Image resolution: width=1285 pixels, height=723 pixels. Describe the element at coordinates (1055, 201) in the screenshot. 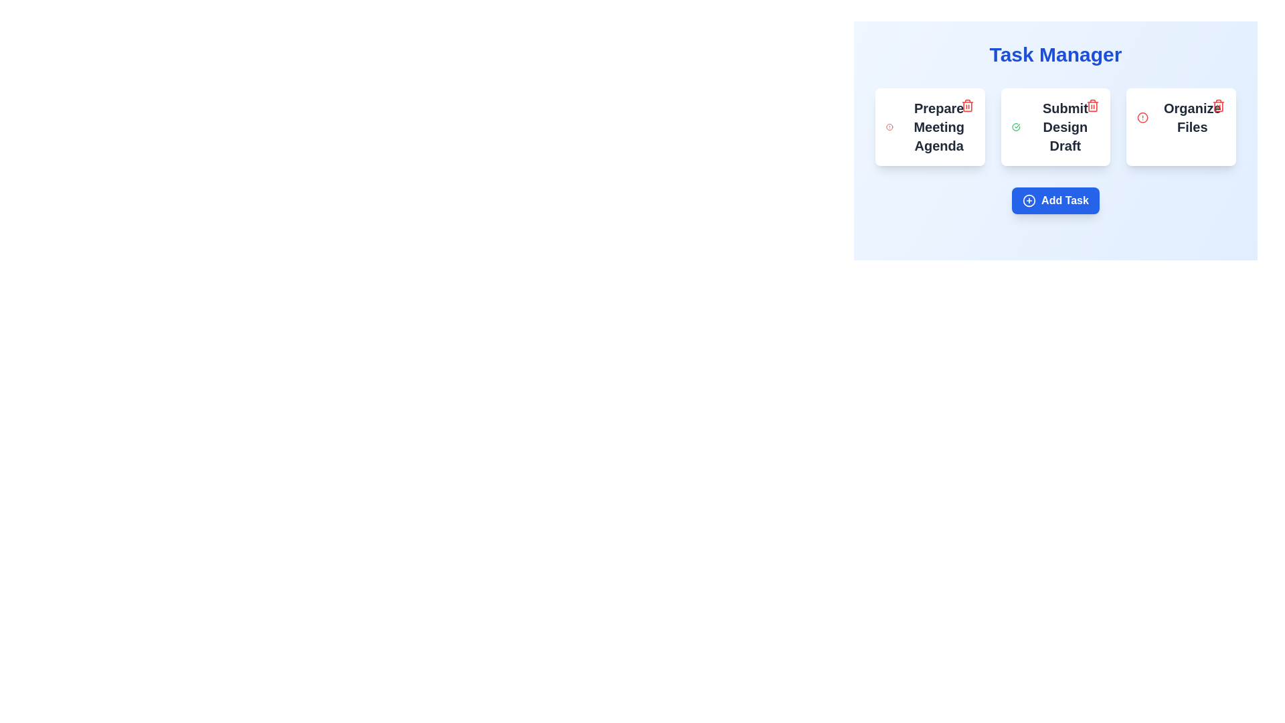

I see `the bright blue 'Add Task' button with rounded corners` at that location.